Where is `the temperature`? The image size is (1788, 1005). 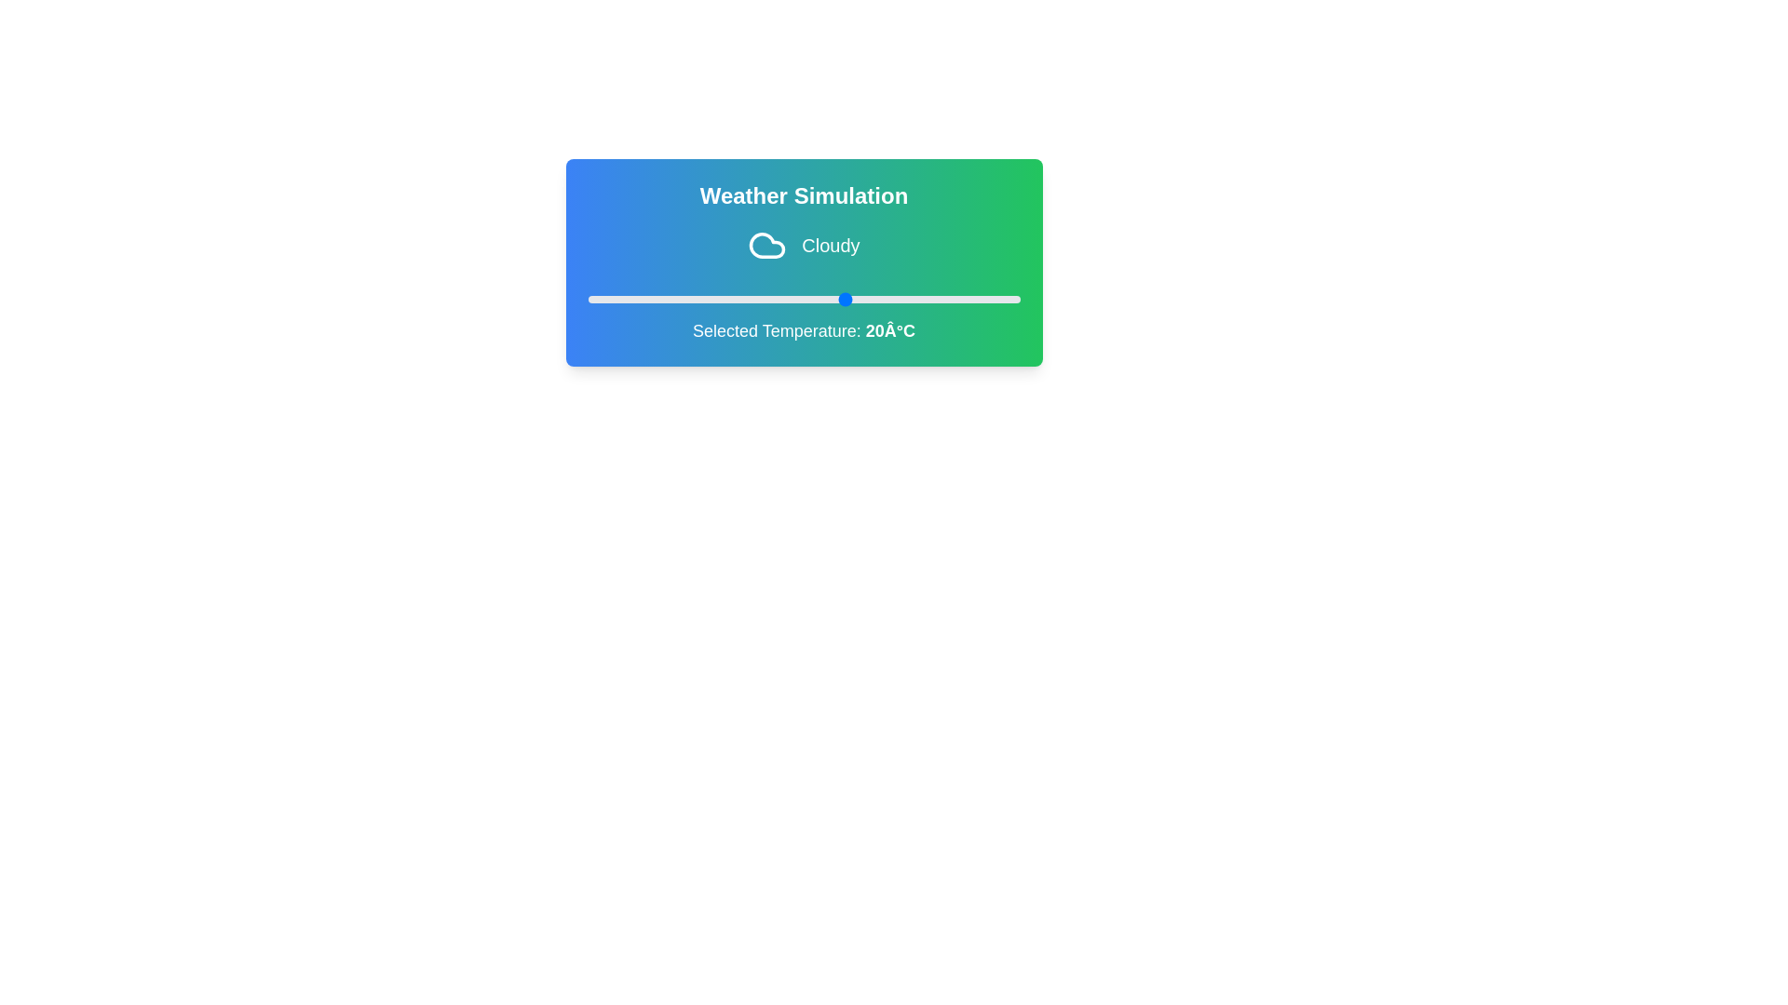 the temperature is located at coordinates (804, 298).